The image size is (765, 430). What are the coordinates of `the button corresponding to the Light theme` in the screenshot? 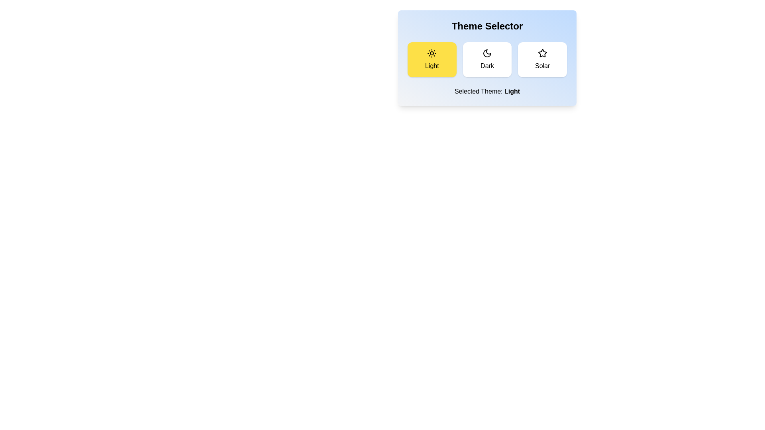 It's located at (432, 59).